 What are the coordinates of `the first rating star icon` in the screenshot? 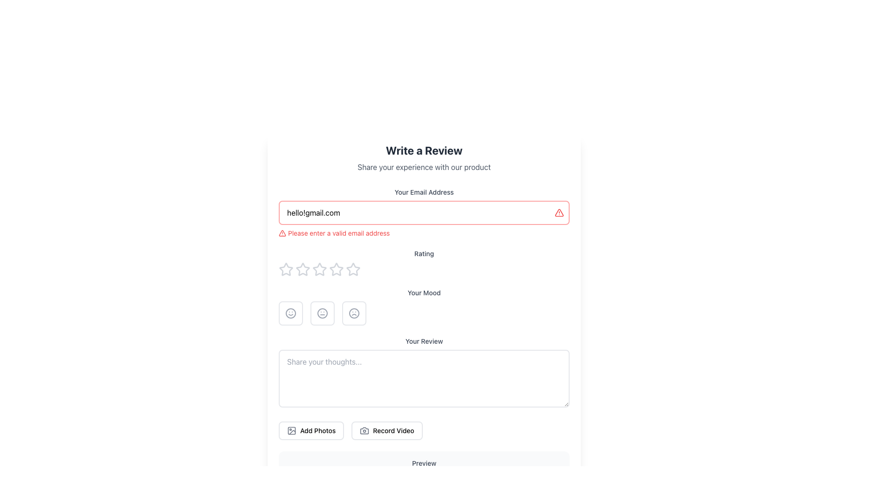 It's located at (286, 269).